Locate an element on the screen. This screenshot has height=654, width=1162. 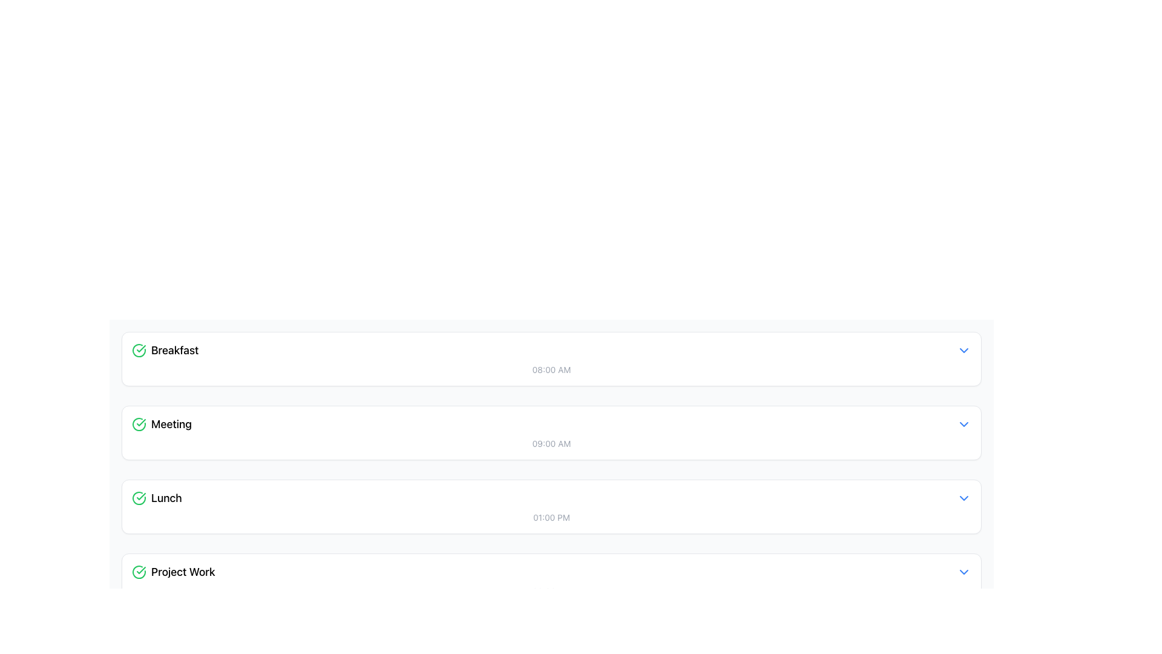
the small downward arrow icon styled in blue, located within the white box at the far right side of the 'Project Work' row is located at coordinates (963, 572).